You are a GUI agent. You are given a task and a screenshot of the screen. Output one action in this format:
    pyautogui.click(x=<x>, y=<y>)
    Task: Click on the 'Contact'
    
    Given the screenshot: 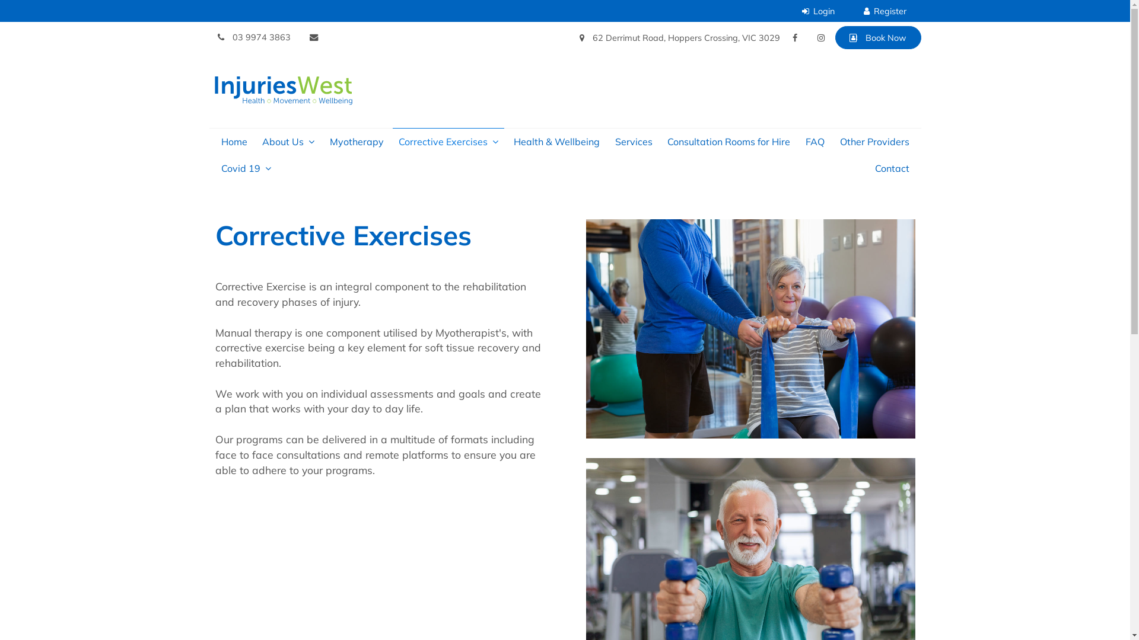 What is the action you would take?
    pyautogui.click(x=868, y=168)
    